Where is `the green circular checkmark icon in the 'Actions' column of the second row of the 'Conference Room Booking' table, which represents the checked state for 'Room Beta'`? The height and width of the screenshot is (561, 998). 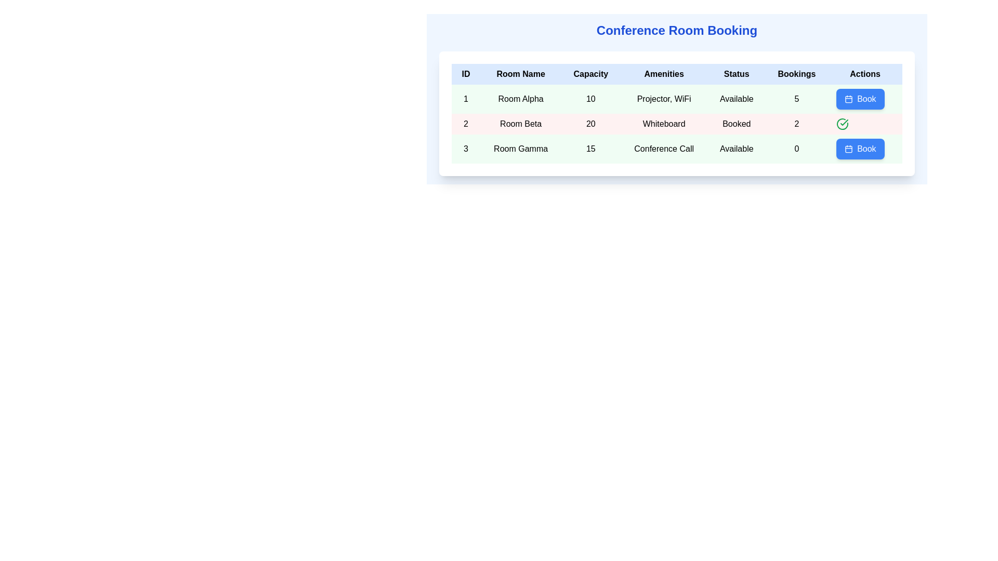 the green circular checkmark icon in the 'Actions' column of the second row of the 'Conference Room Booking' table, which represents the checked state for 'Room Beta' is located at coordinates (843, 124).